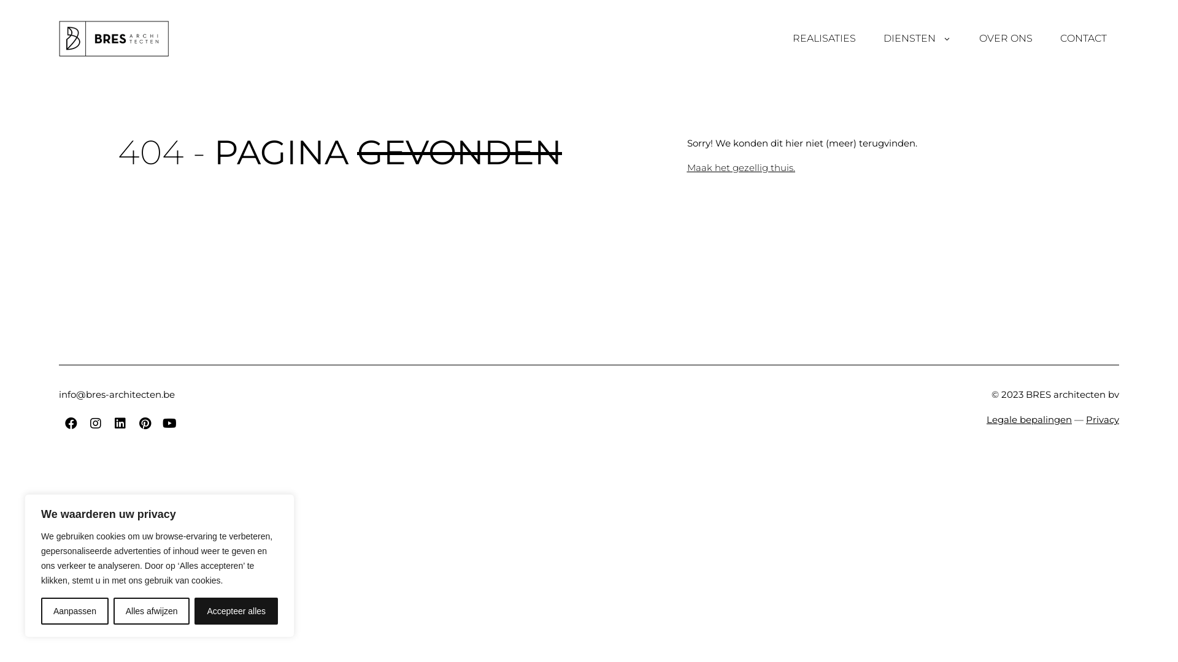 The height and width of the screenshot is (662, 1178). Describe the element at coordinates (1102, 419) in the screenshot. I see `'Privacy'` at that location.